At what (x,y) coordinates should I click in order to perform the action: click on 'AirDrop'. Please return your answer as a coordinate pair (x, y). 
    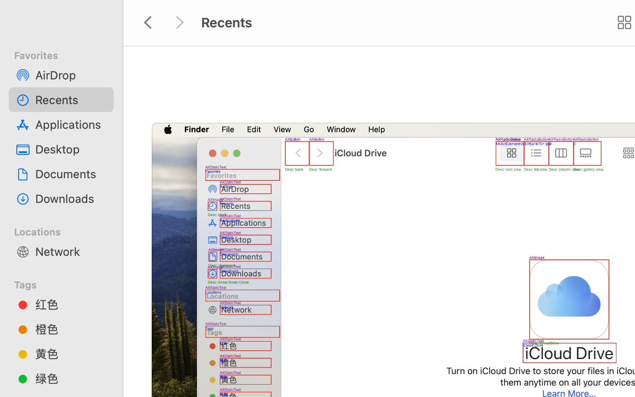
    Looking at the image, I should click on (70, 75).